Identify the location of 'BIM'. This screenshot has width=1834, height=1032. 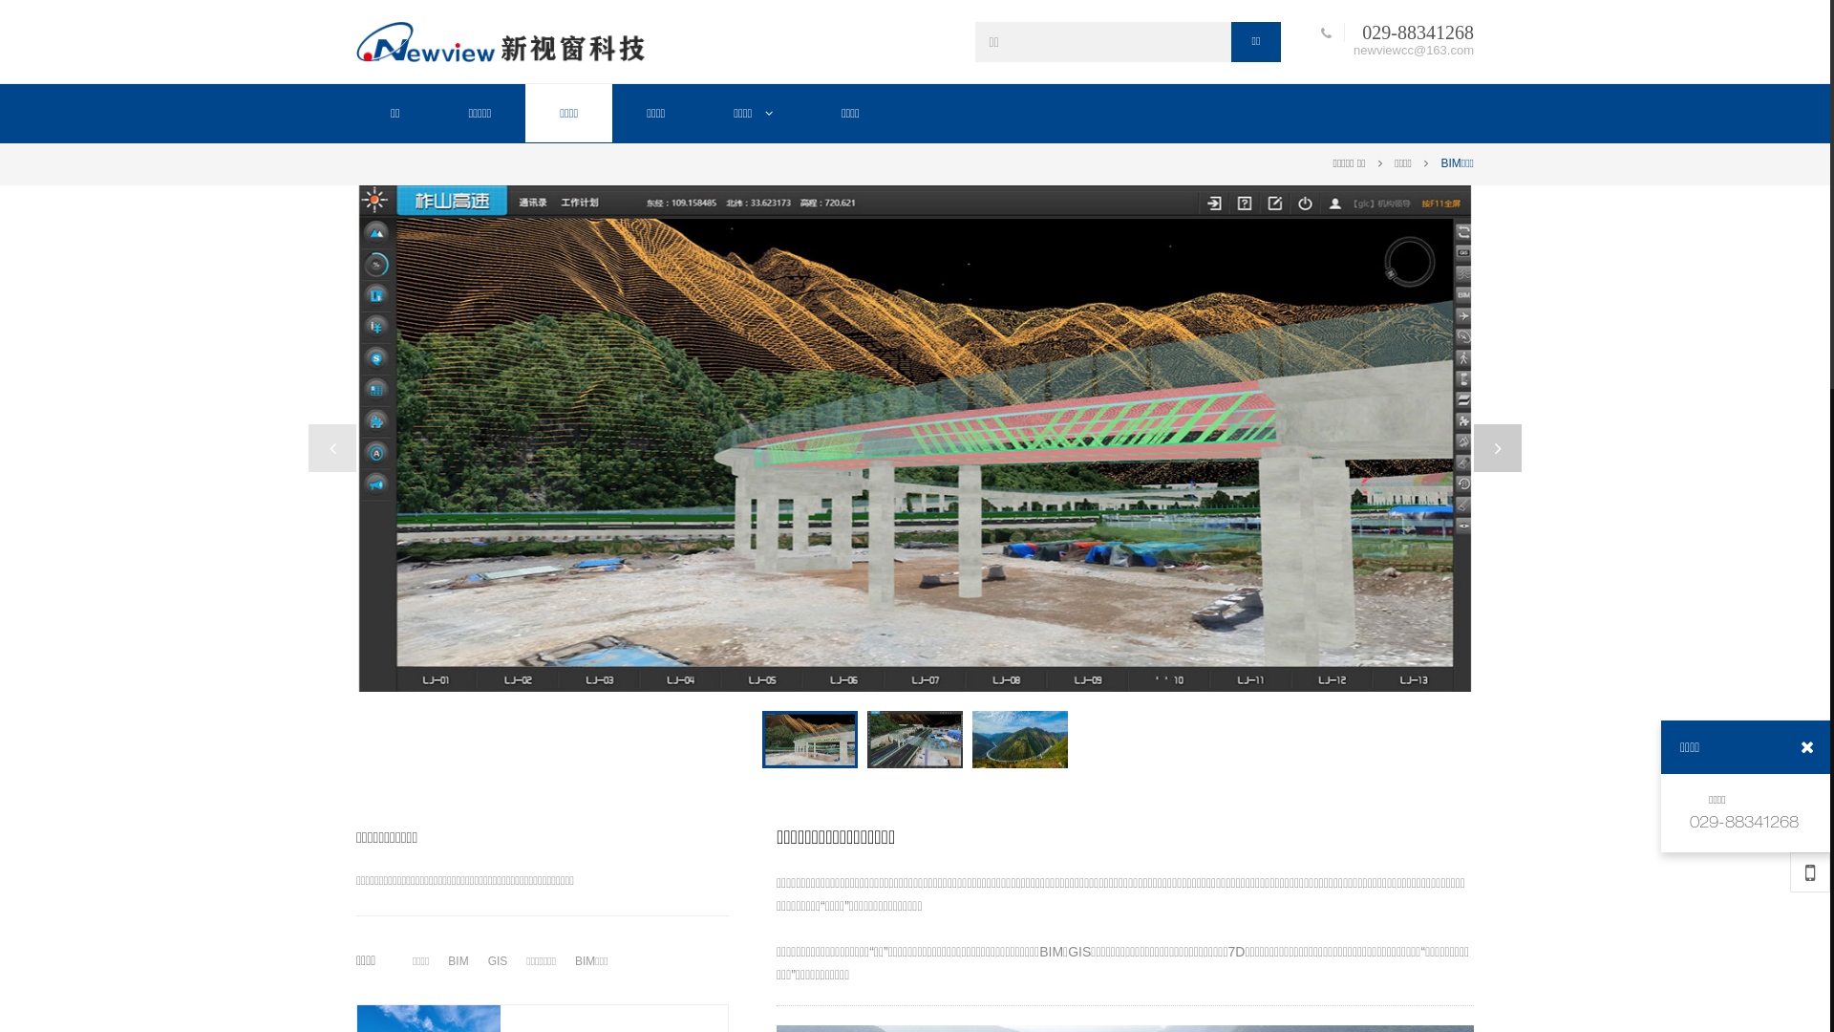
(457, 961).